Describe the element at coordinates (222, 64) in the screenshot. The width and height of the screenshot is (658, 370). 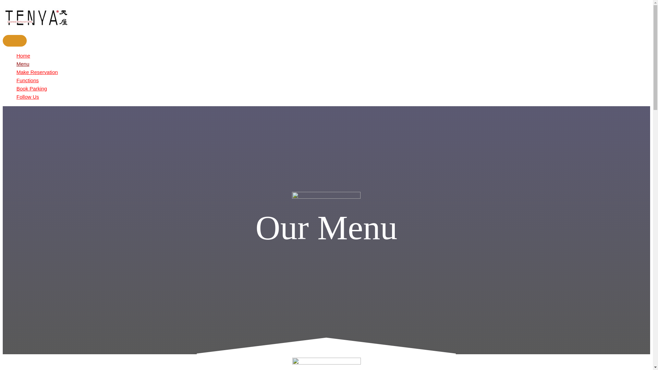
I see `'Menu'` at that location.